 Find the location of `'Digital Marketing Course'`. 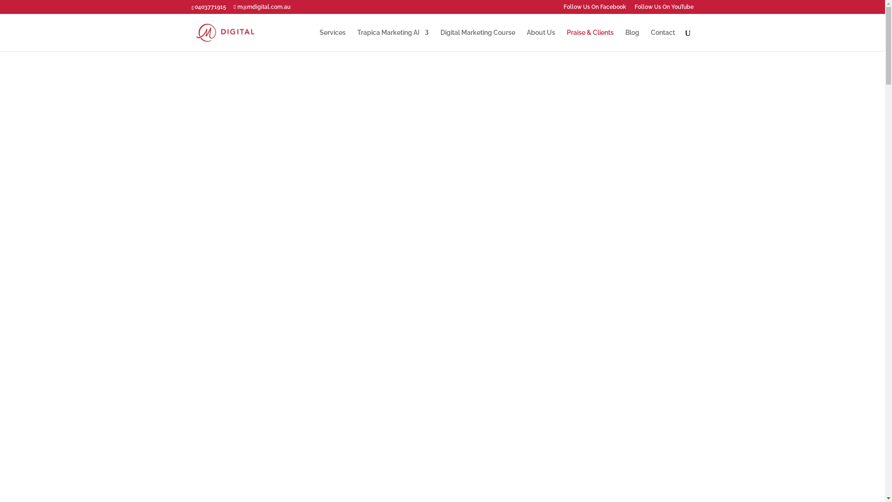

'Digital Marketing Course' is located at coordinates (440, 40).